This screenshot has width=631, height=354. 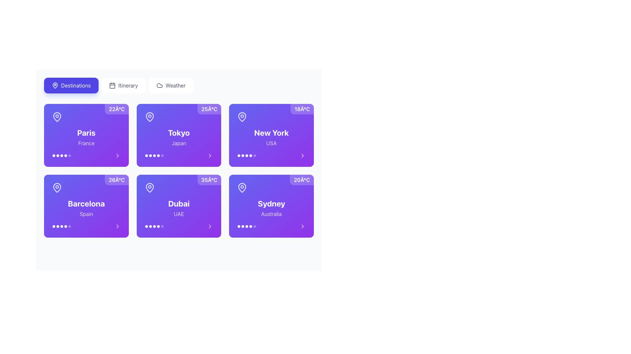 I want to click on the rounded rectangle icon within the calendar-like graphic, which is centered between the 'Destinations' and 'Weather' icons in the header, so click(x=112, y=85).